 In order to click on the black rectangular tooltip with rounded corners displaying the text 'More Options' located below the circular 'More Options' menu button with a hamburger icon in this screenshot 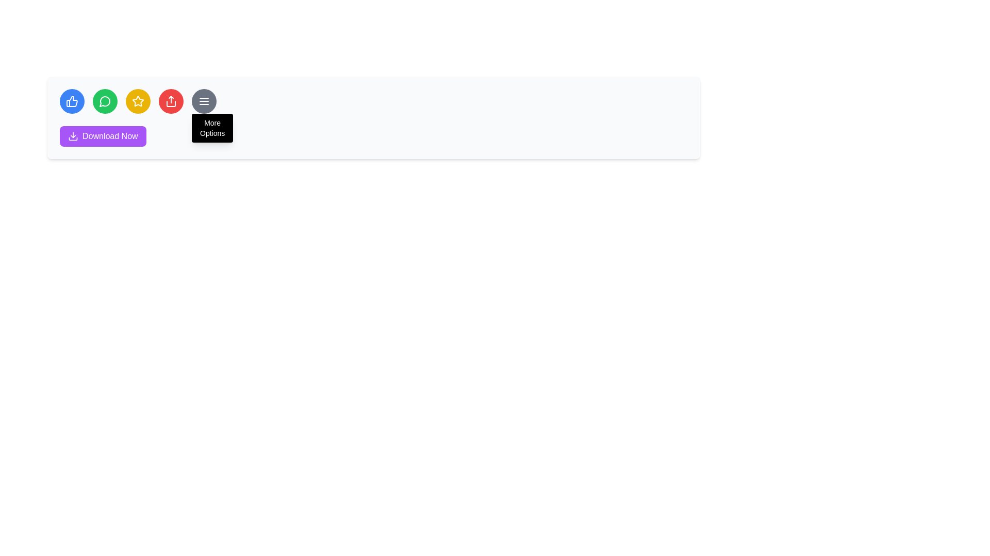, I will do `click(212, 128)`.